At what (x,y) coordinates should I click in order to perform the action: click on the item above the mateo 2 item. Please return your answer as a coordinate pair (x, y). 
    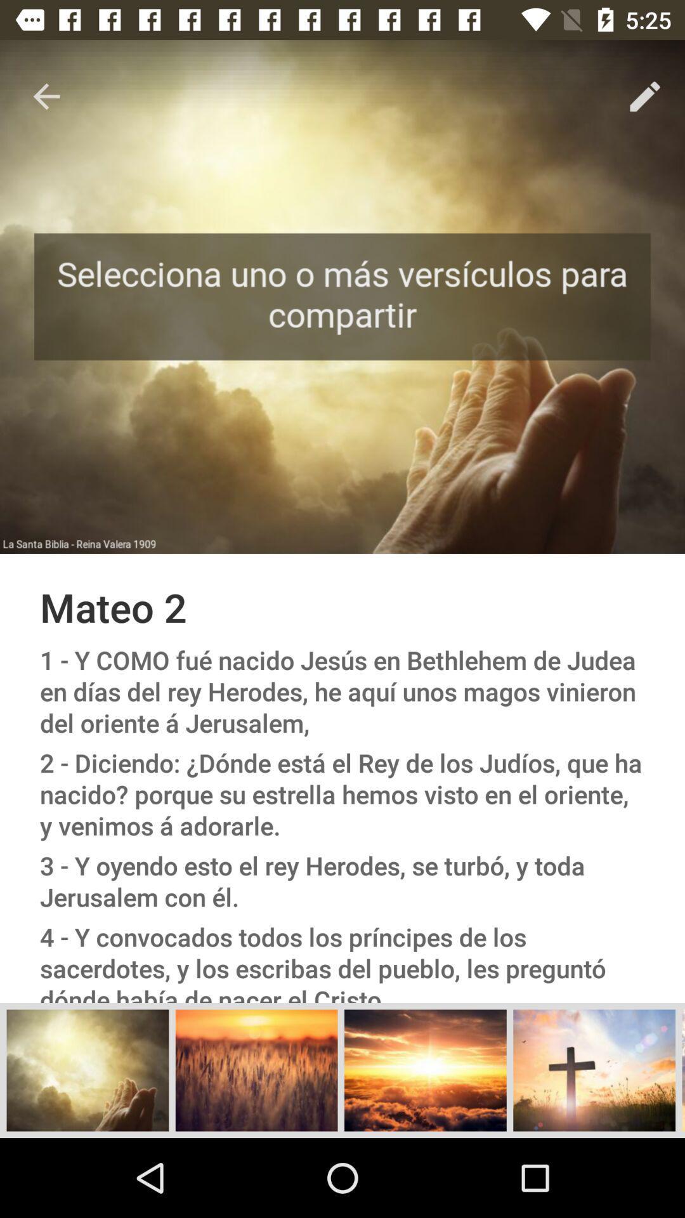
    Looking at the image, I should click on (645, 96).